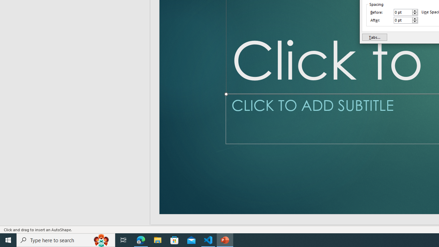 This screenshot has width=439, height=247. What do you see at coordinates (406, 12) in the screenshot?
I see `'Before'` at bounding box center [406, 12].